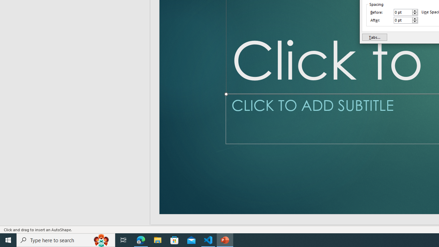 This screenshot has width=439, height=247. What do you see at coordinates (406, 12) in the screenshot?
I see `'Before'` at bounding box center [406, 12].